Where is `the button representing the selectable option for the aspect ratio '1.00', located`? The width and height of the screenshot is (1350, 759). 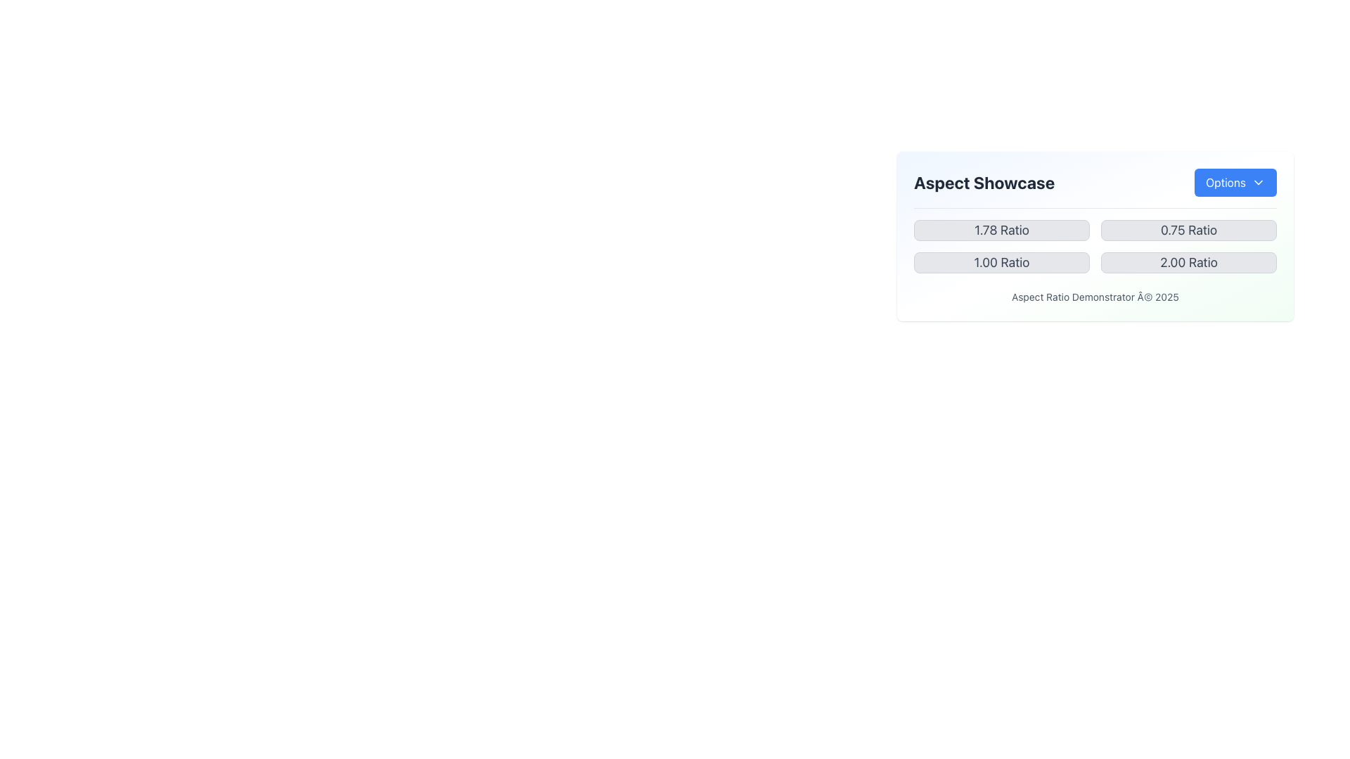 the button representing the selectable option for the aspect ratio '1.00', located is located at coordinates (1001, 263).